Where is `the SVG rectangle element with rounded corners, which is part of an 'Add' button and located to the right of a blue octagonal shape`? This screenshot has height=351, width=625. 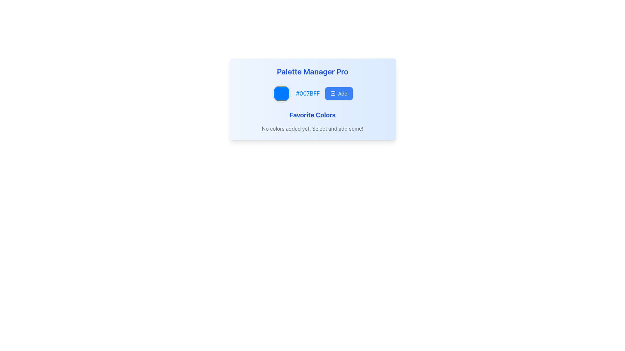
the SVG rectangle element with rounded corners, which is part of an 'Add' button and located to the right of a blue octagonal shape is located at coordinates (333, 94).